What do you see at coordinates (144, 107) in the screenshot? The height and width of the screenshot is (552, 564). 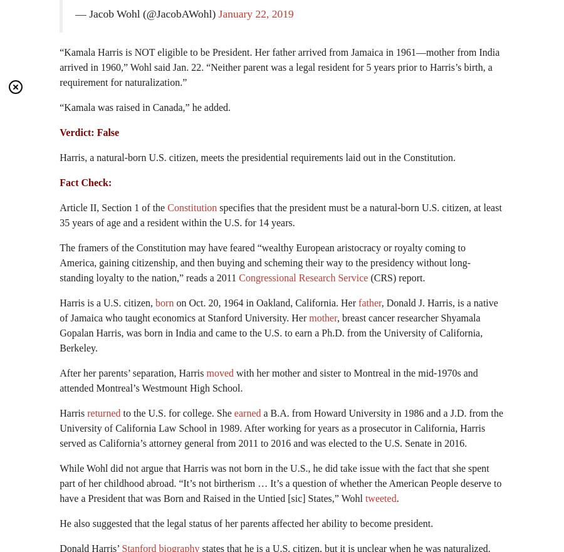 I see `'“Kamala was raised in Canada,” he added.'` at bounding box center [144, 107].